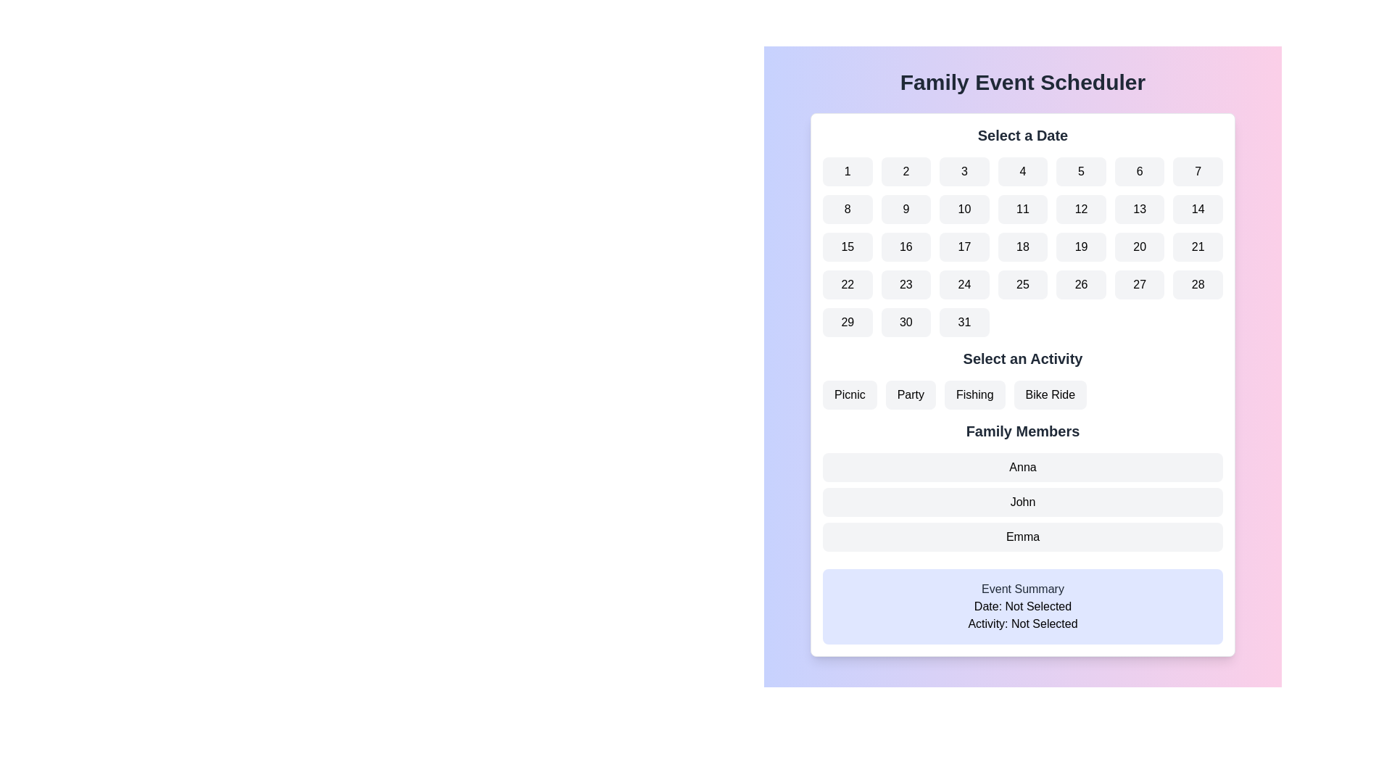  Describe the element at coordinates (964, 210) in the screenshot. I see `the rounded rectangular button with the text '10'` at that location.